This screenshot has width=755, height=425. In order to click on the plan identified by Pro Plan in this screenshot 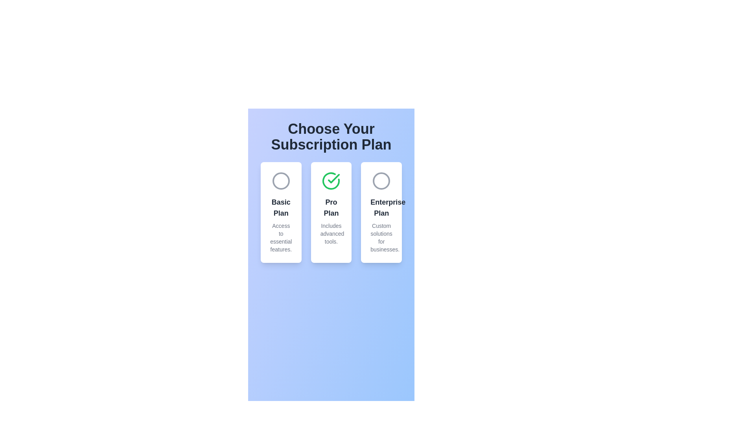, I will do `click(331, 181)`.